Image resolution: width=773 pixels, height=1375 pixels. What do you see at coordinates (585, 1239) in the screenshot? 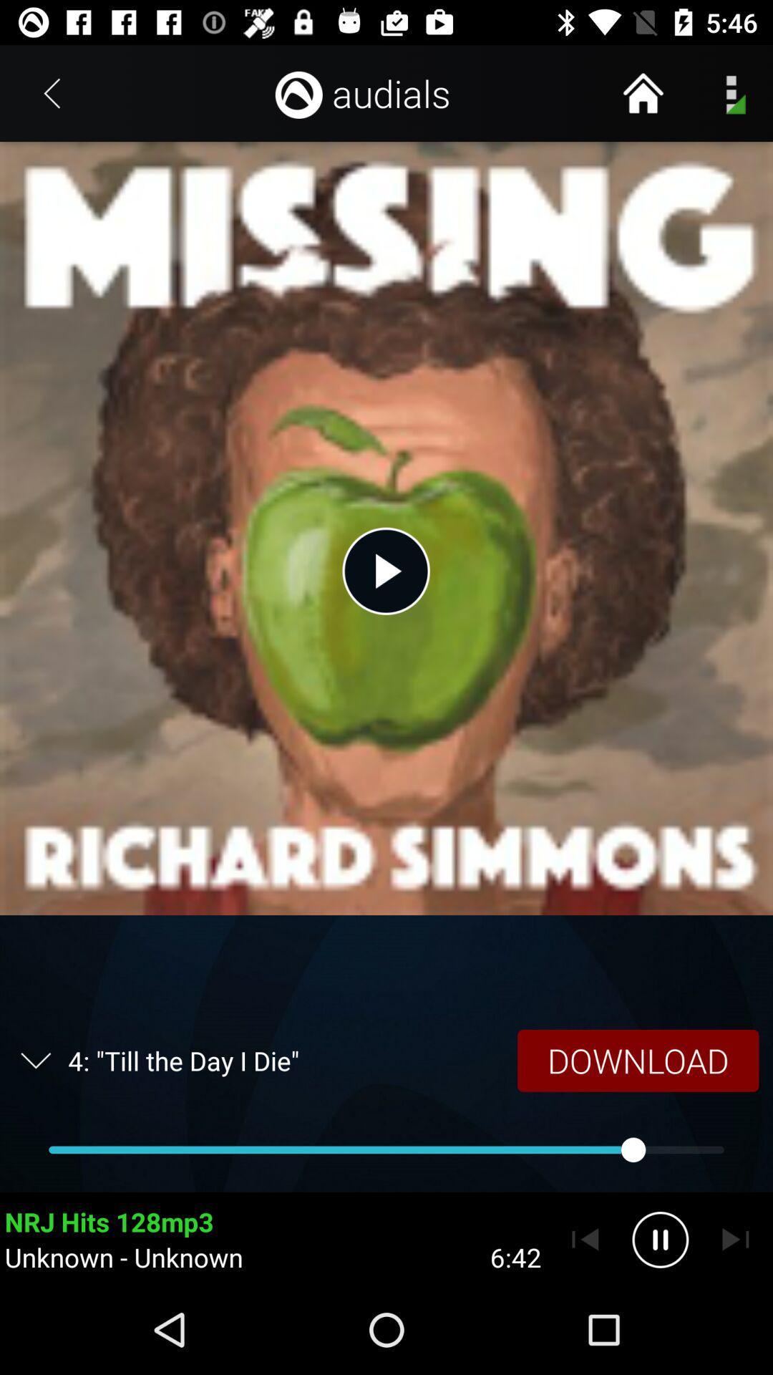
I see `the skip_previous icon` at bounding box center [585, 1239].